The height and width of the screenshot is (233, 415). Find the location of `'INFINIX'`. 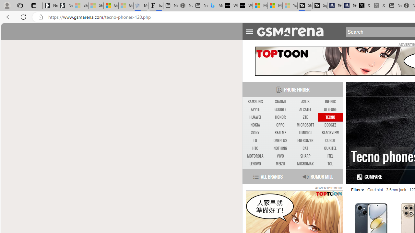

'INFINIX' is located at coordinates (330, 102).